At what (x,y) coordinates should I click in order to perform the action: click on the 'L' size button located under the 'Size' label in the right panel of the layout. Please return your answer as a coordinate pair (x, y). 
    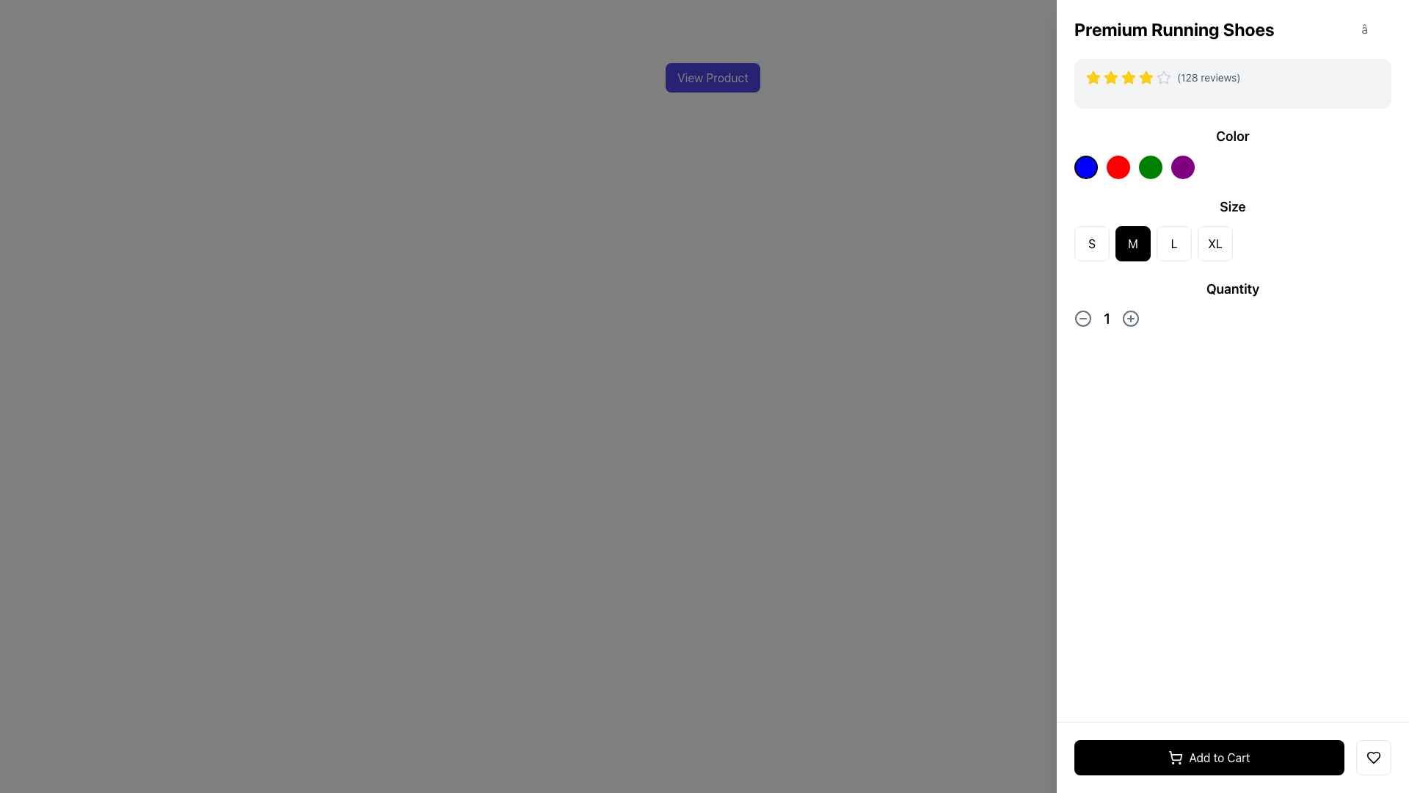
    Looking at the image, I should click on (1173, 242).